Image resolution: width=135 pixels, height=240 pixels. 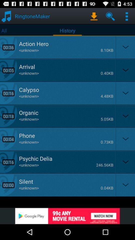 What do you see at coordinates (125, 139) in the screenshot?
I see `the fifth drop down option from top` at bounding box center [125, 139].